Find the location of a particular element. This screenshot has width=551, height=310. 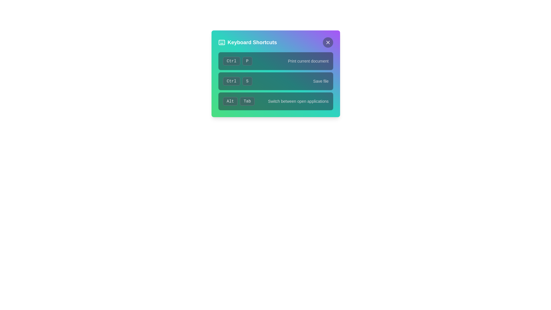

the close button located in the top-right corner of the 'Keyboard Shortcuts' modal to trigger a visual effect is located at coordinates (328, 42).